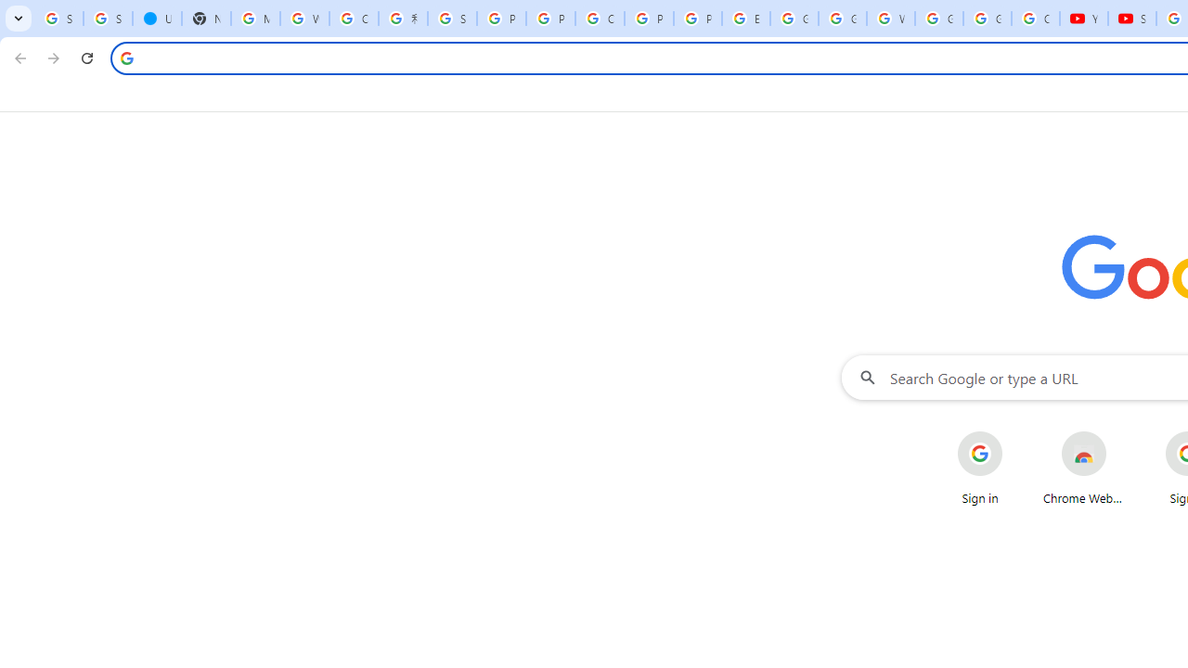 The width and height of the screenshot is (1188, 668). Describe the element at coordinates (1084, 468) in the screenshot. I see `'Chrome Web Store'` at that location.